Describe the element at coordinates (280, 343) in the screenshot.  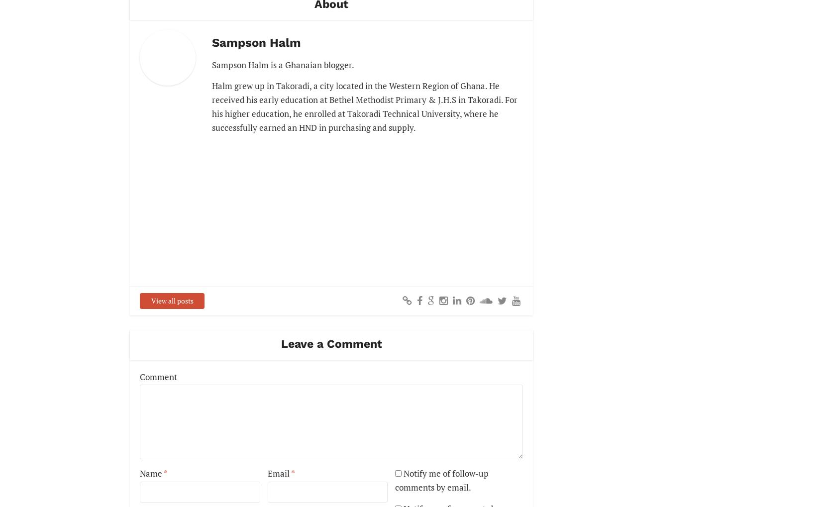
I see `'Leave a Comment'` at that location.